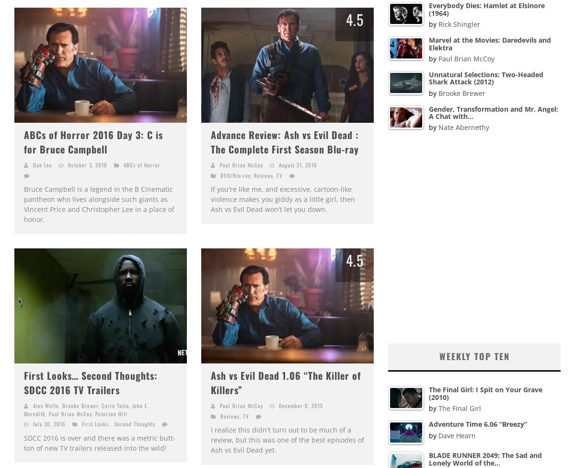  What do you see at coordinates (285, 382) in the screenshot?
I see `'Ash vs Evil Dead 1.06 “The Killer of Killers”'` at bounding box center [285, 382].